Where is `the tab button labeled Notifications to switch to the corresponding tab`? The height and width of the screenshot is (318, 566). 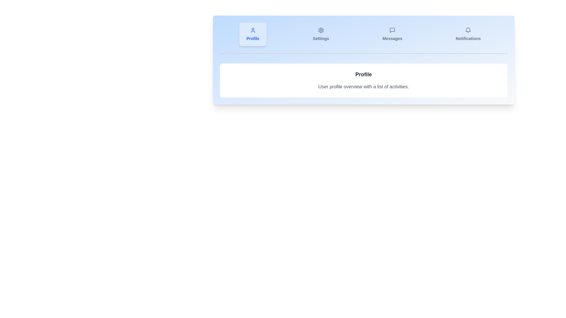
the tab button labeled Notifications to switch to the corresponding tab is located at coordinates (468, 34).